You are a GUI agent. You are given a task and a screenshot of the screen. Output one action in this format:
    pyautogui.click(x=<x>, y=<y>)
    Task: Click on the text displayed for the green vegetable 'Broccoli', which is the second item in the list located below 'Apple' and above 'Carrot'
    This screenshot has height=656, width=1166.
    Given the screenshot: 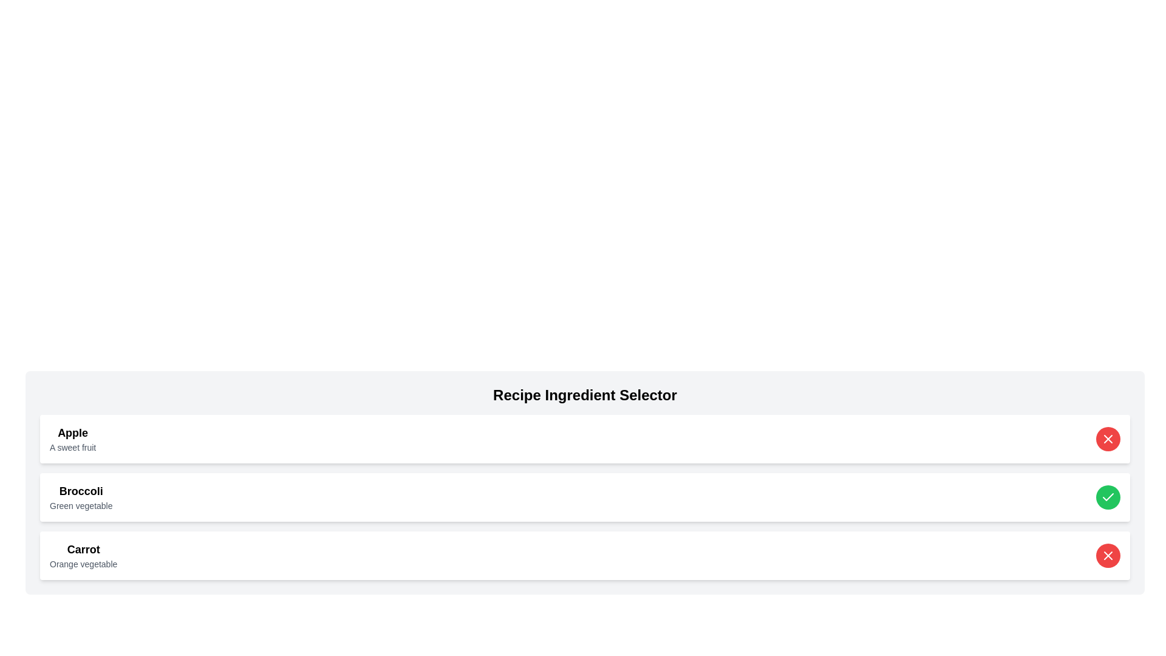 What is the action you would take?
    pyautogui.click(x=80, y=497)
    